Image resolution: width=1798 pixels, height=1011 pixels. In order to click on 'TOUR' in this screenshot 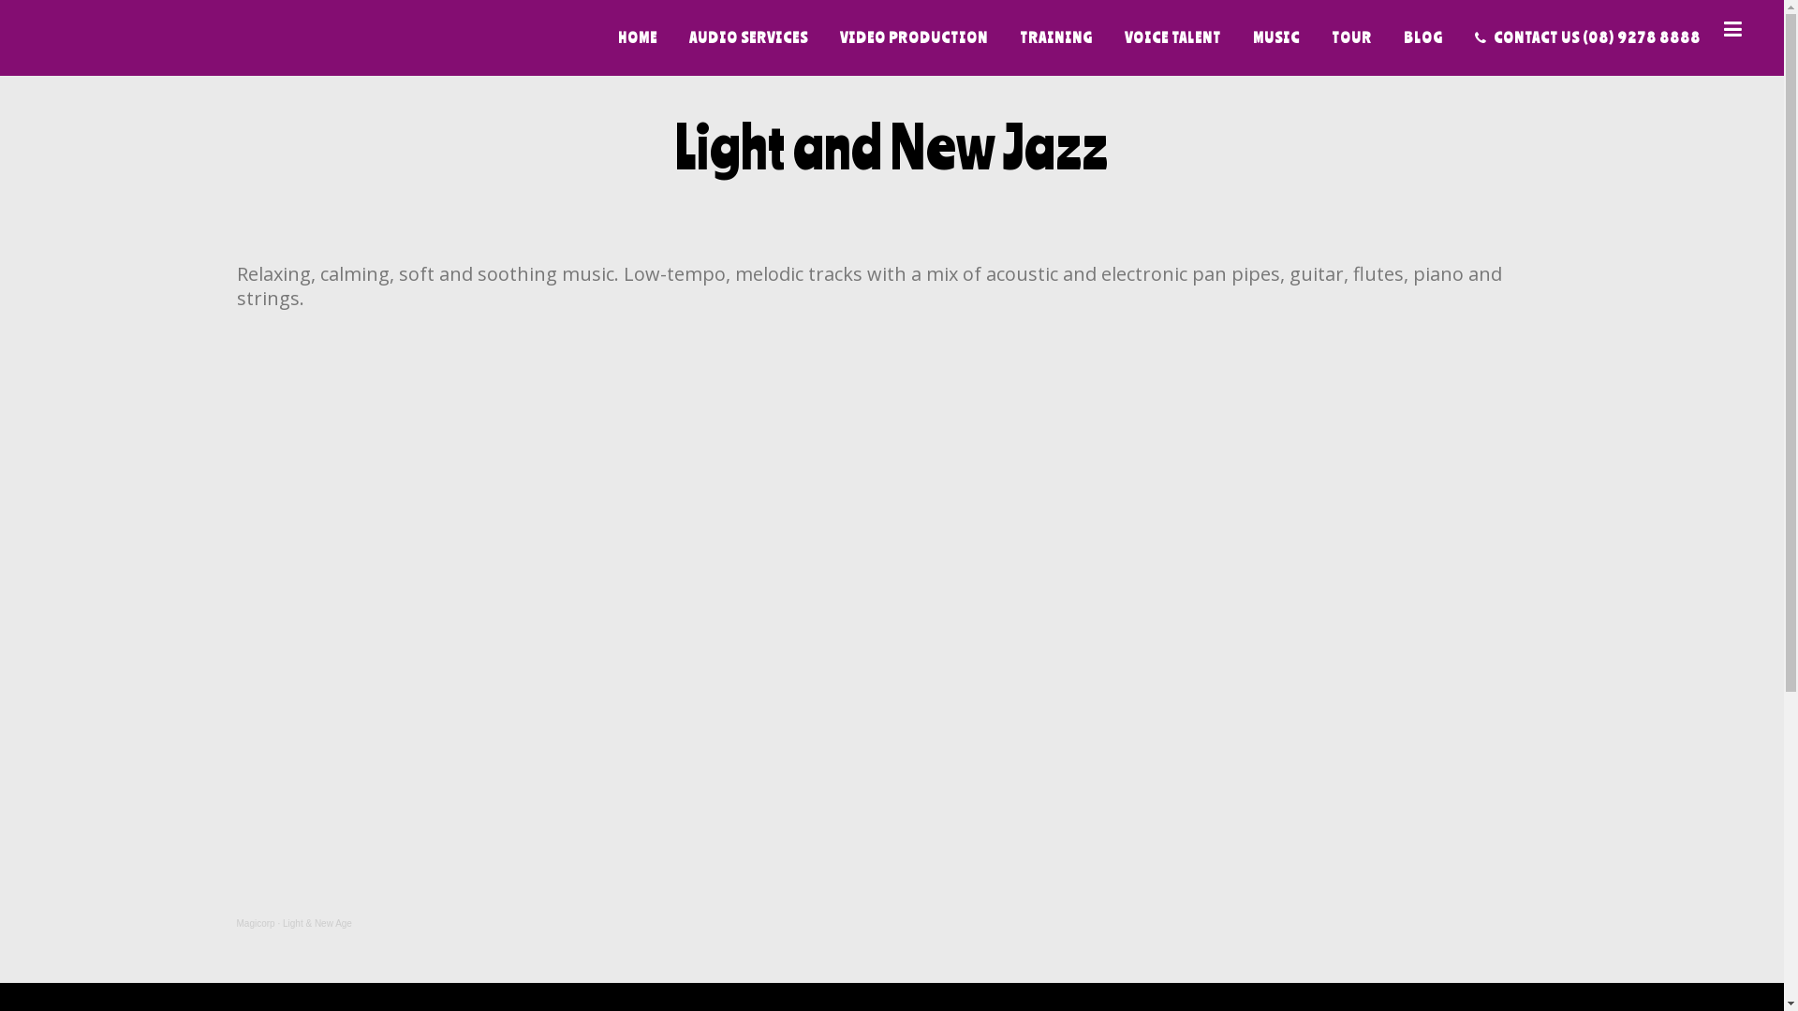, I will do `click(1351, 37)`.